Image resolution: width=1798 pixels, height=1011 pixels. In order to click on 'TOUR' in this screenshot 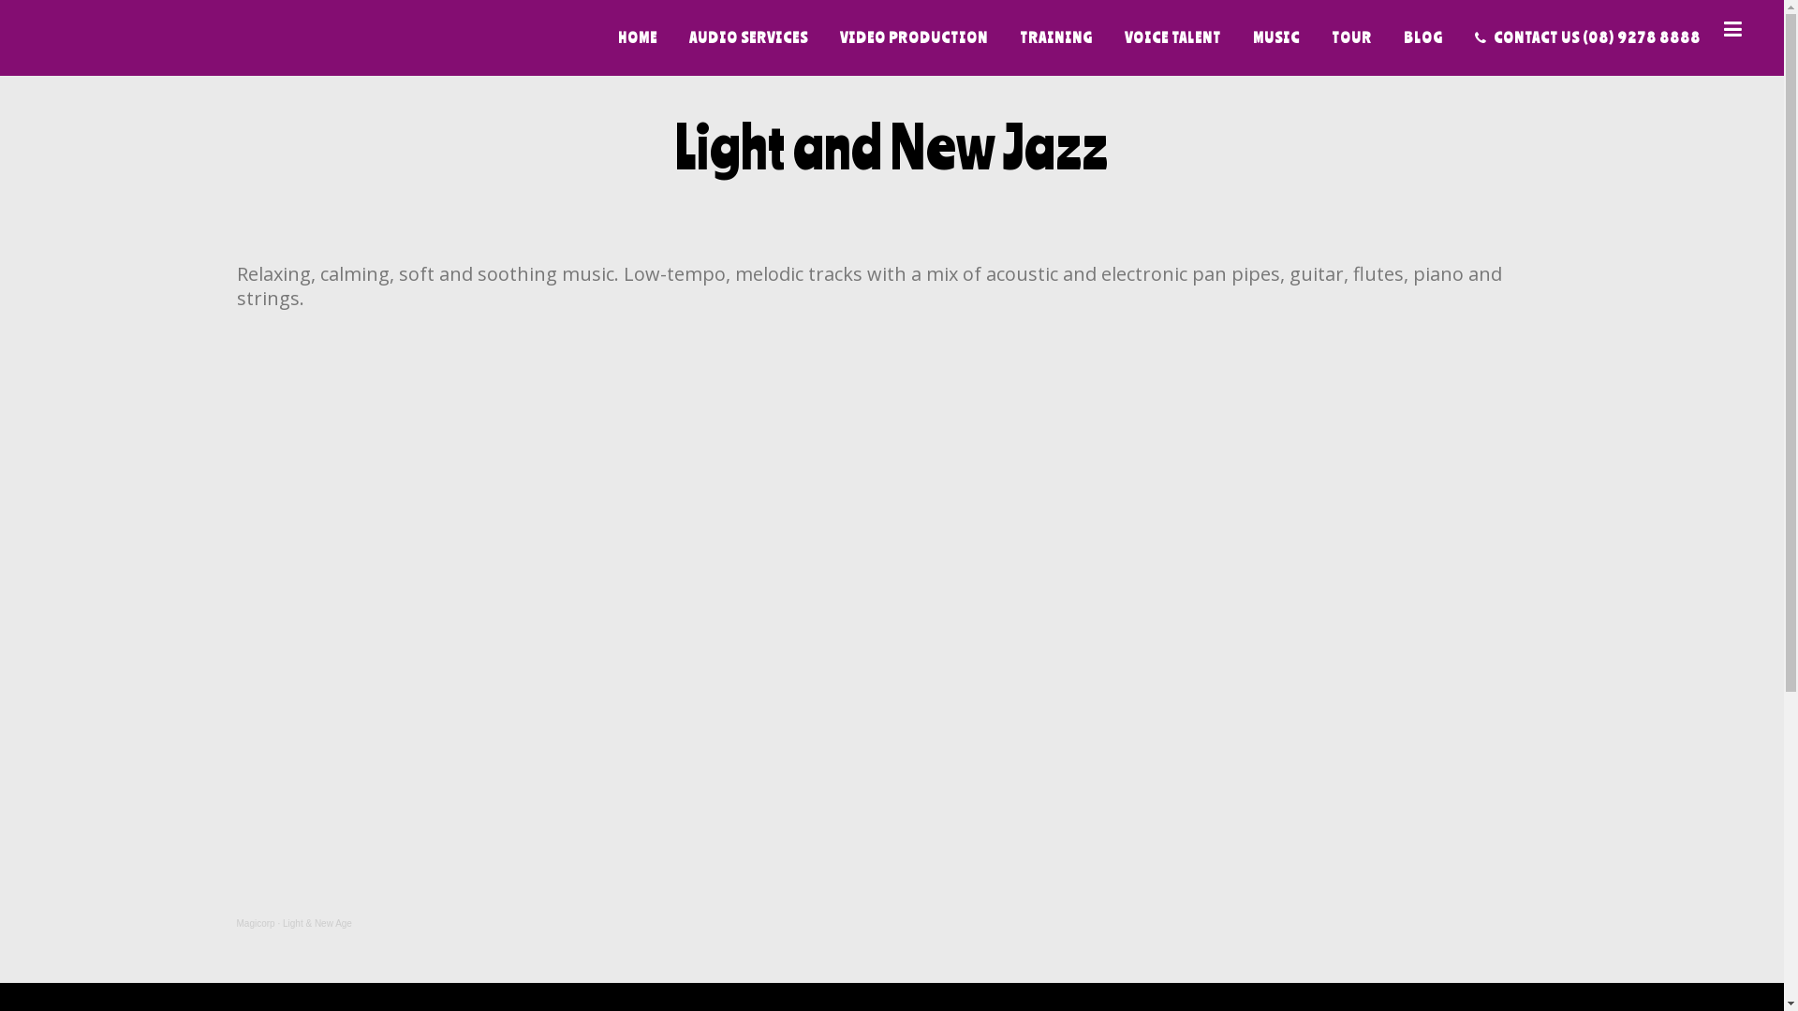, I will do `click(1351, 37)`.